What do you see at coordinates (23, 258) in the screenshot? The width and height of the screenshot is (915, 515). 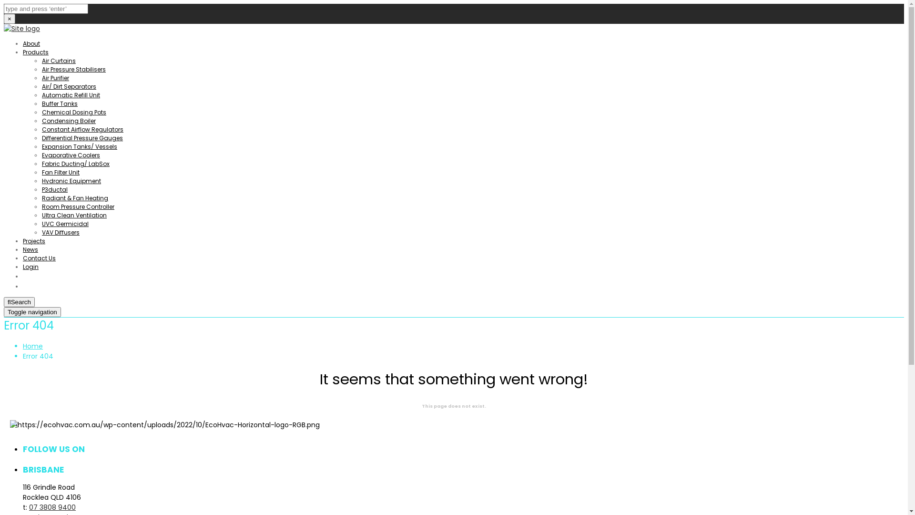 I see `'Contact Us'` at bounding box center [23, 258].